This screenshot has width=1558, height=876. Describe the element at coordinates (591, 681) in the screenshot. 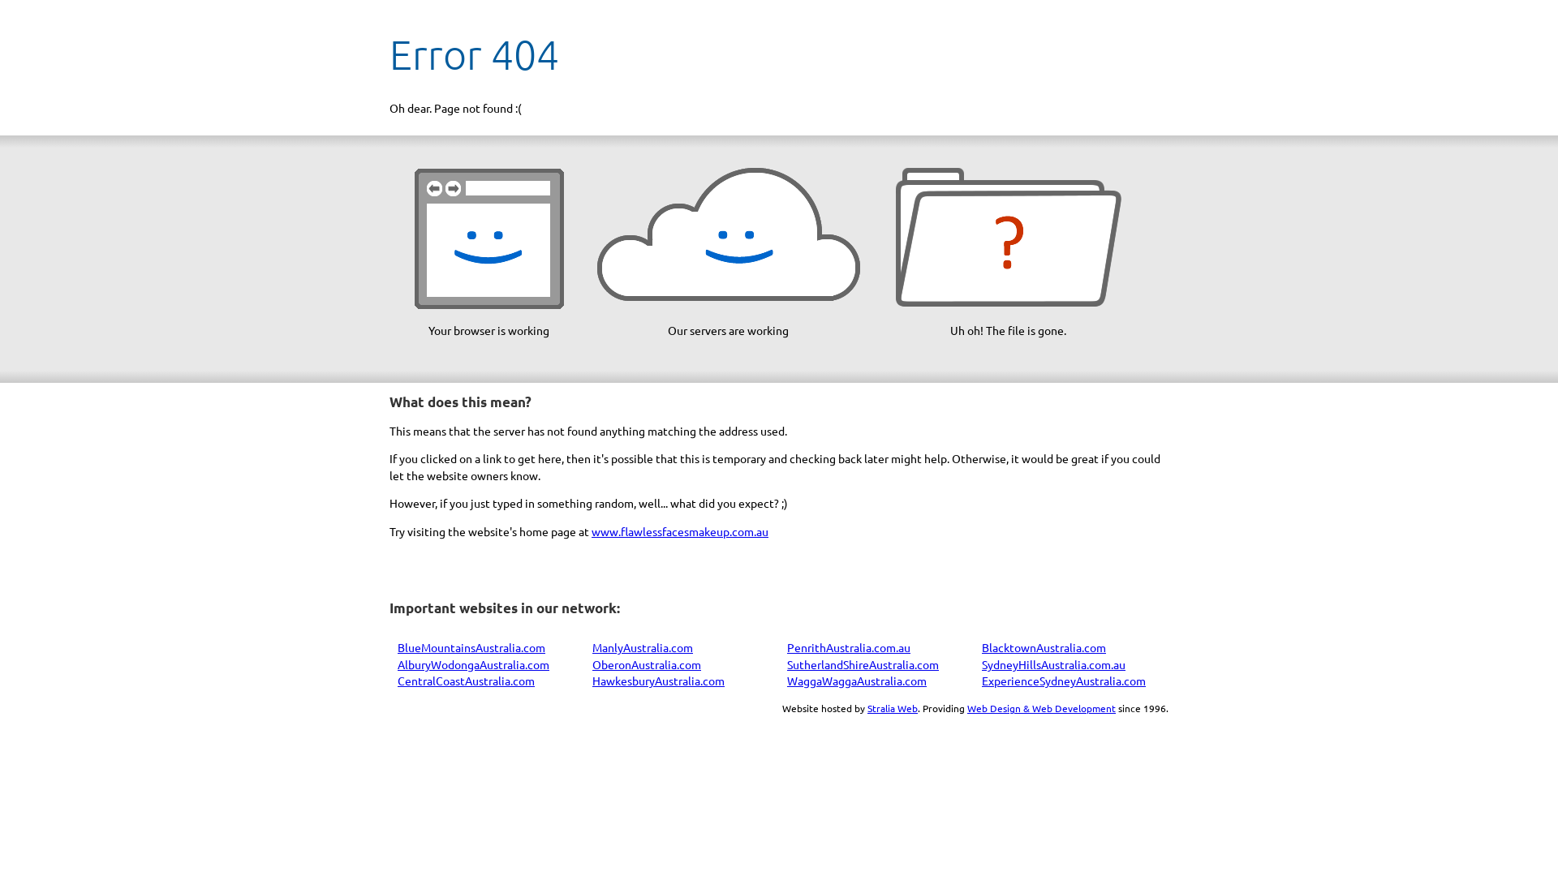

I see `'HawkesburyAustralia.com'` at that location.